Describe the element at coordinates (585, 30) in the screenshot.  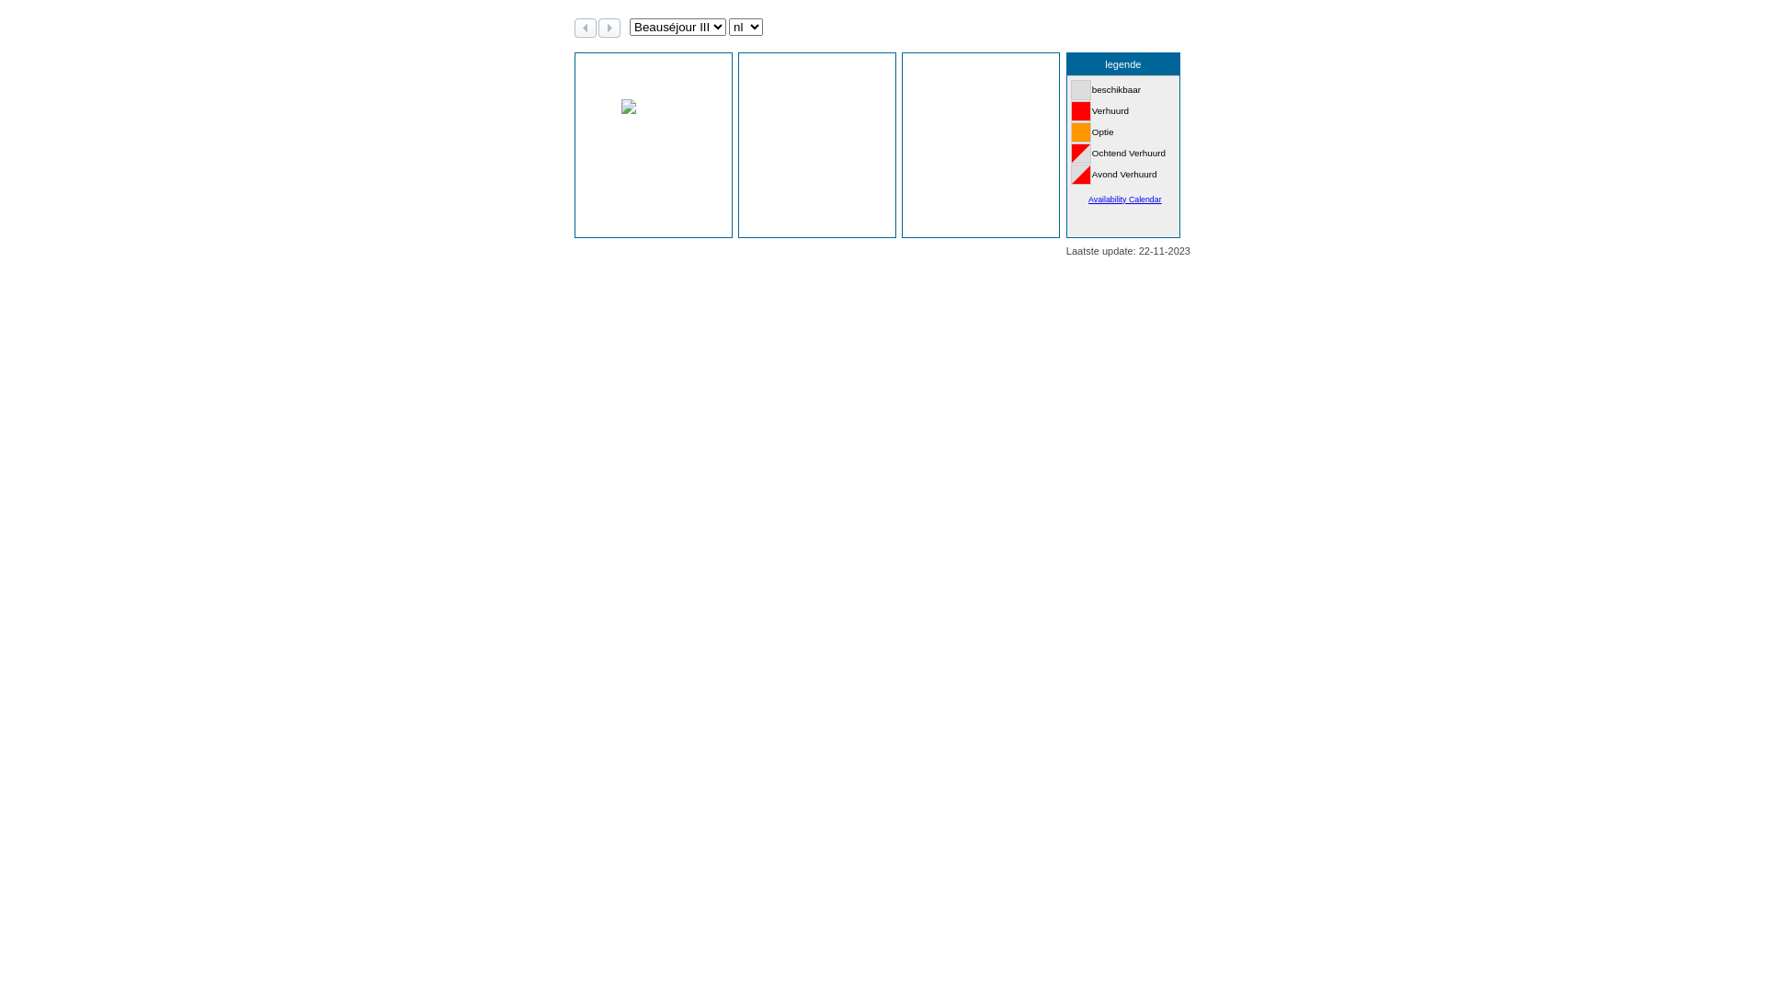
I see `'vorige maanden'` at that location.